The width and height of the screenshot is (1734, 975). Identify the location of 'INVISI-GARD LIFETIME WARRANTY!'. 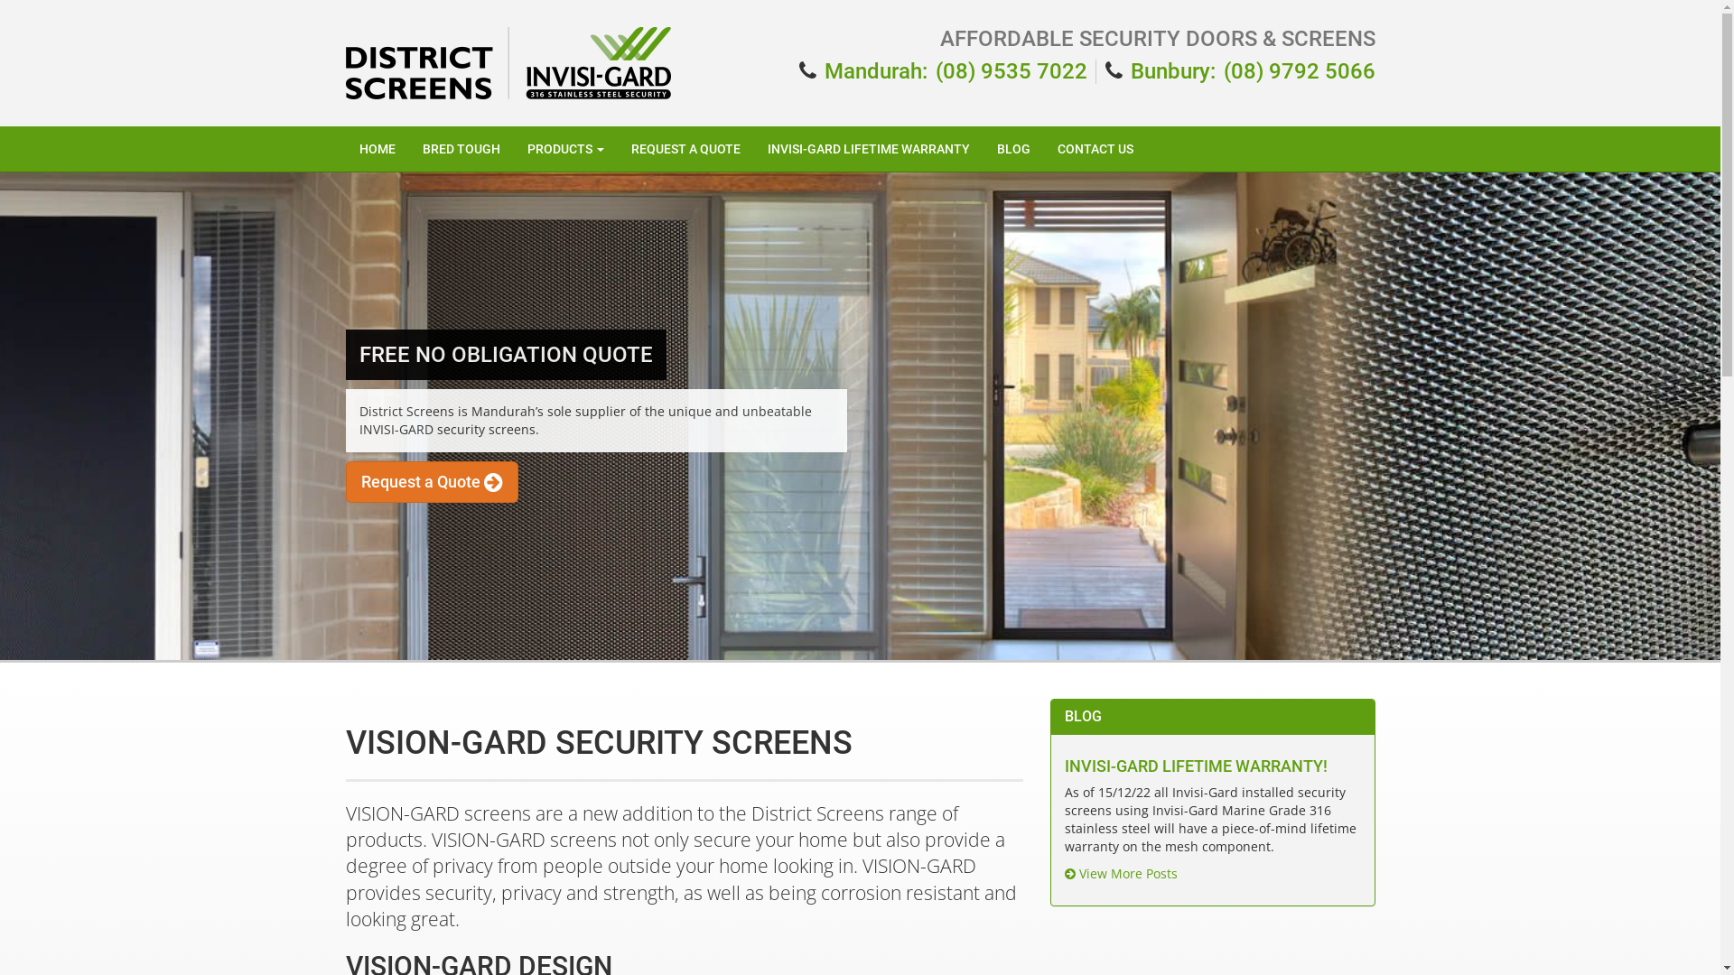
(1195, 766).